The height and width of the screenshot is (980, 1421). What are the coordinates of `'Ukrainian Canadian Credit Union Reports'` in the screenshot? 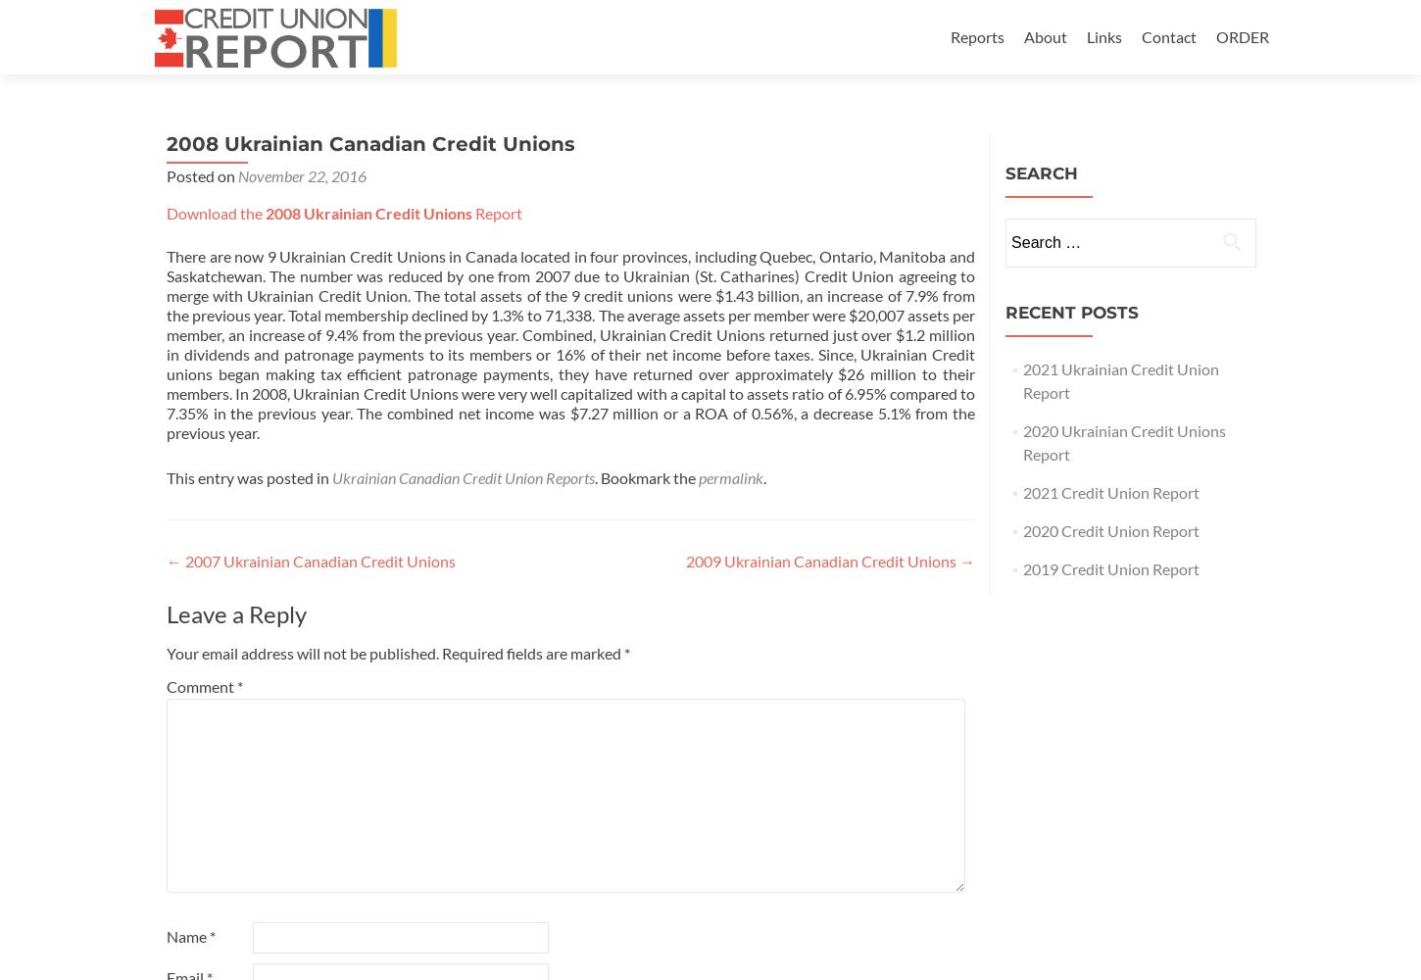 It's located at (332, 476).